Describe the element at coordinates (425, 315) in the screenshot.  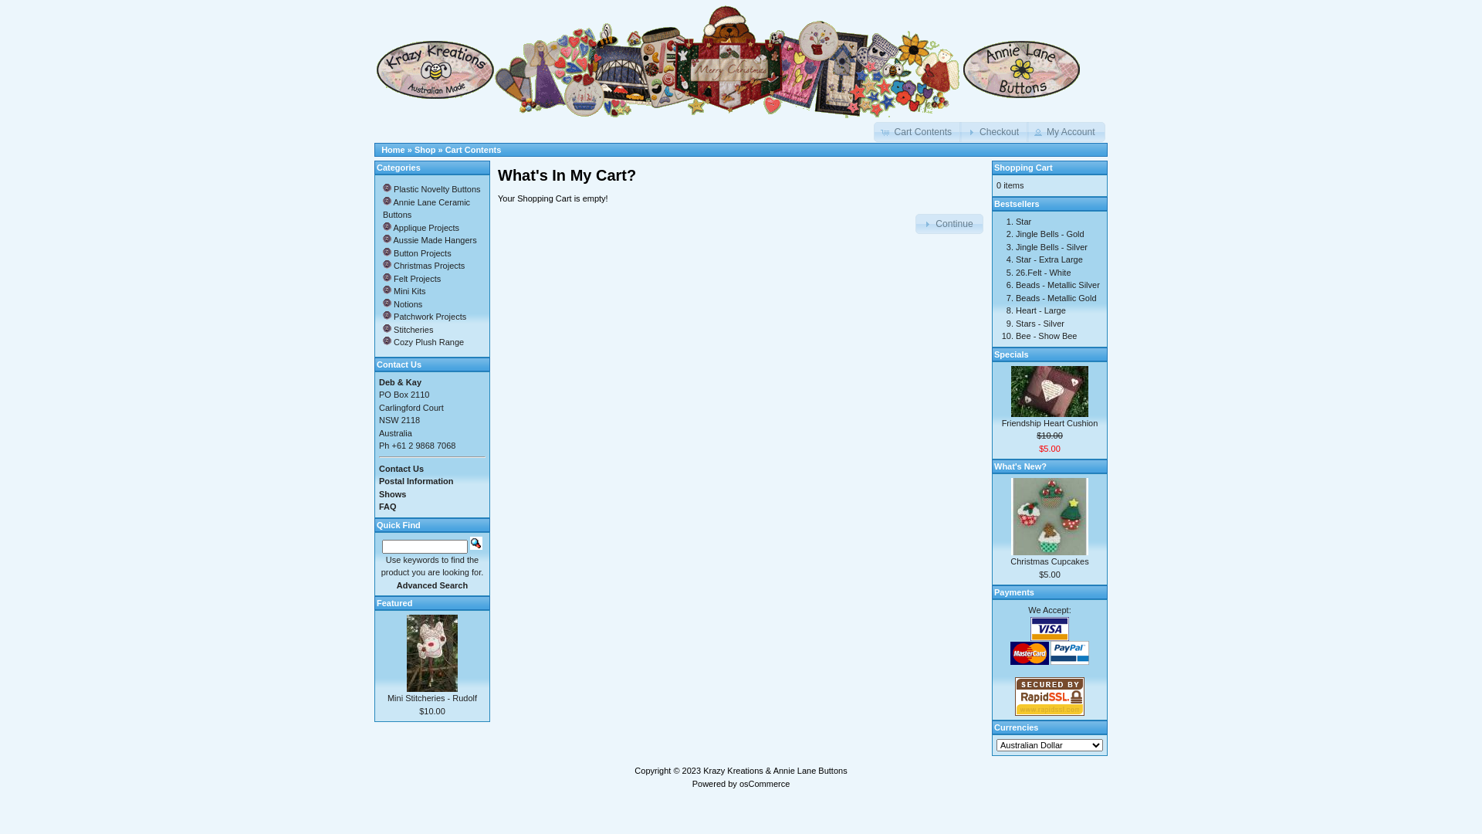
I see `' Patchwork Projects'` at that location.